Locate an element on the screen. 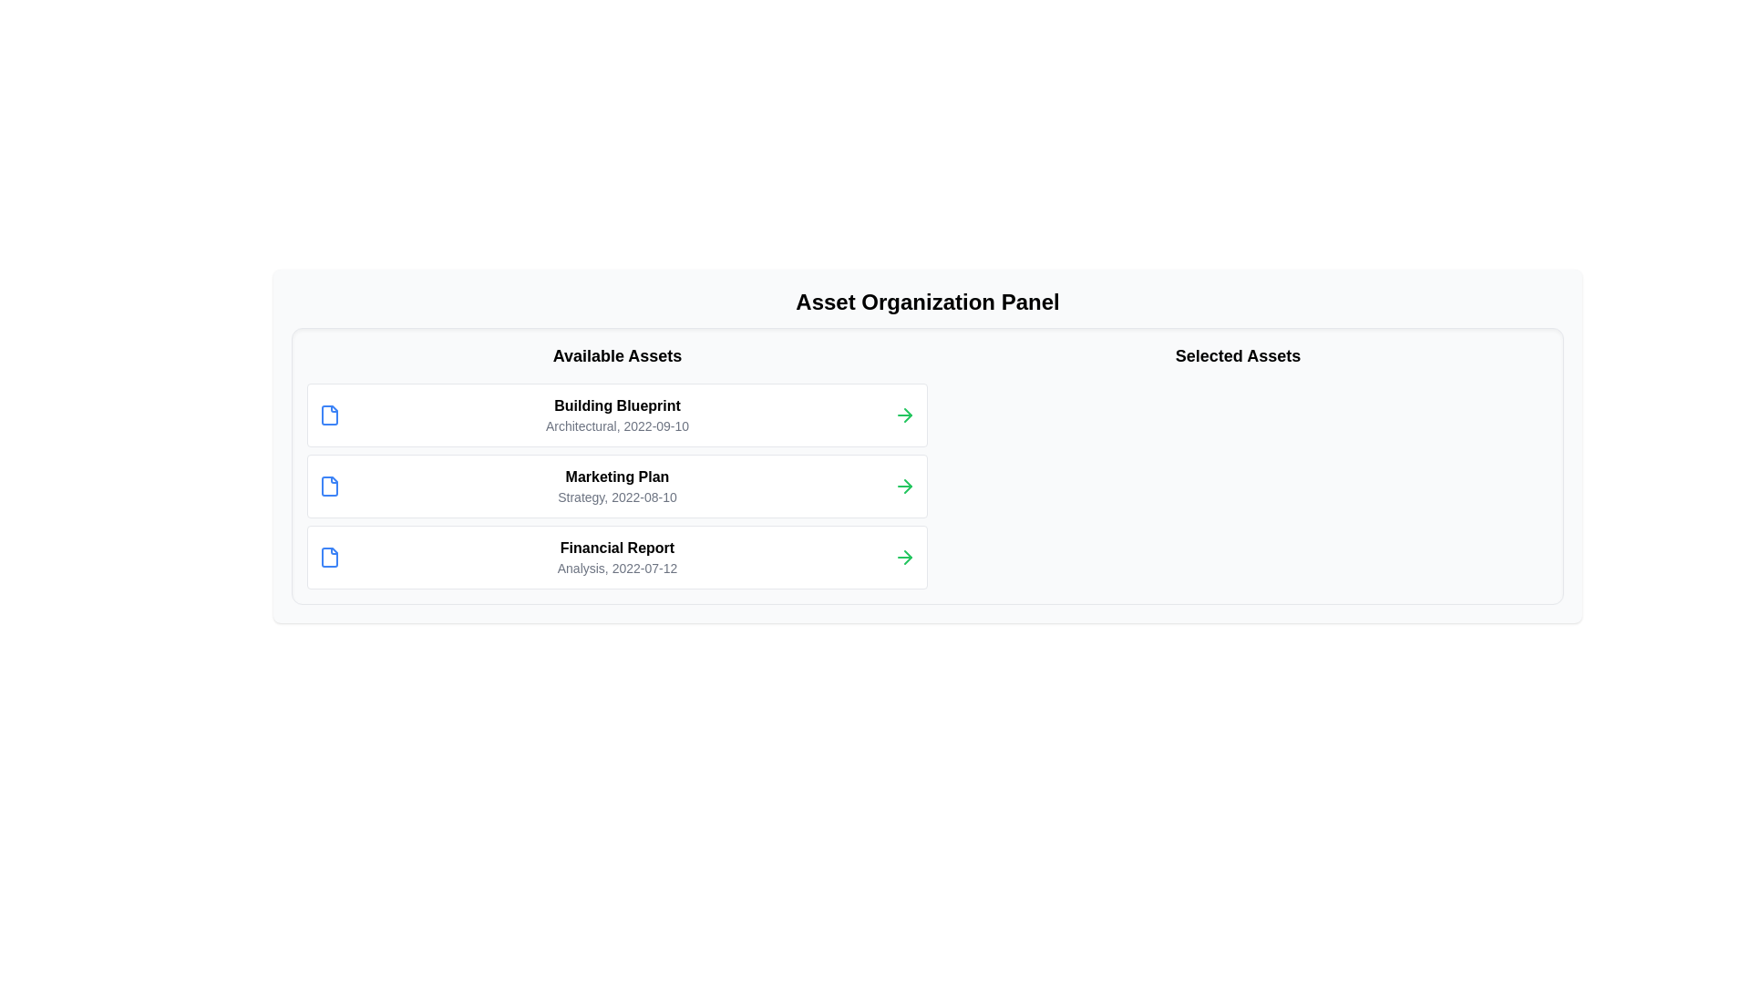  detailed information displayed in the text block labeled 'Building Blueprint' with subheader 'Architectural, 2022-09-10', which is centrally aligned within its white card in the 'Available Assets' section is located at coordinates (617, 415).